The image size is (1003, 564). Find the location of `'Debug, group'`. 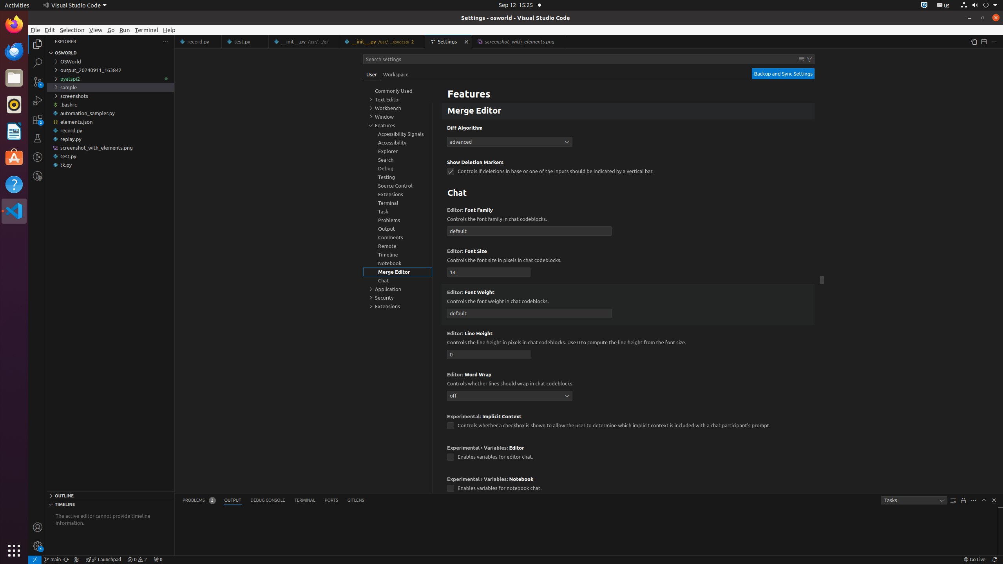

'Debug, group' is located at coordinates (398, 168).